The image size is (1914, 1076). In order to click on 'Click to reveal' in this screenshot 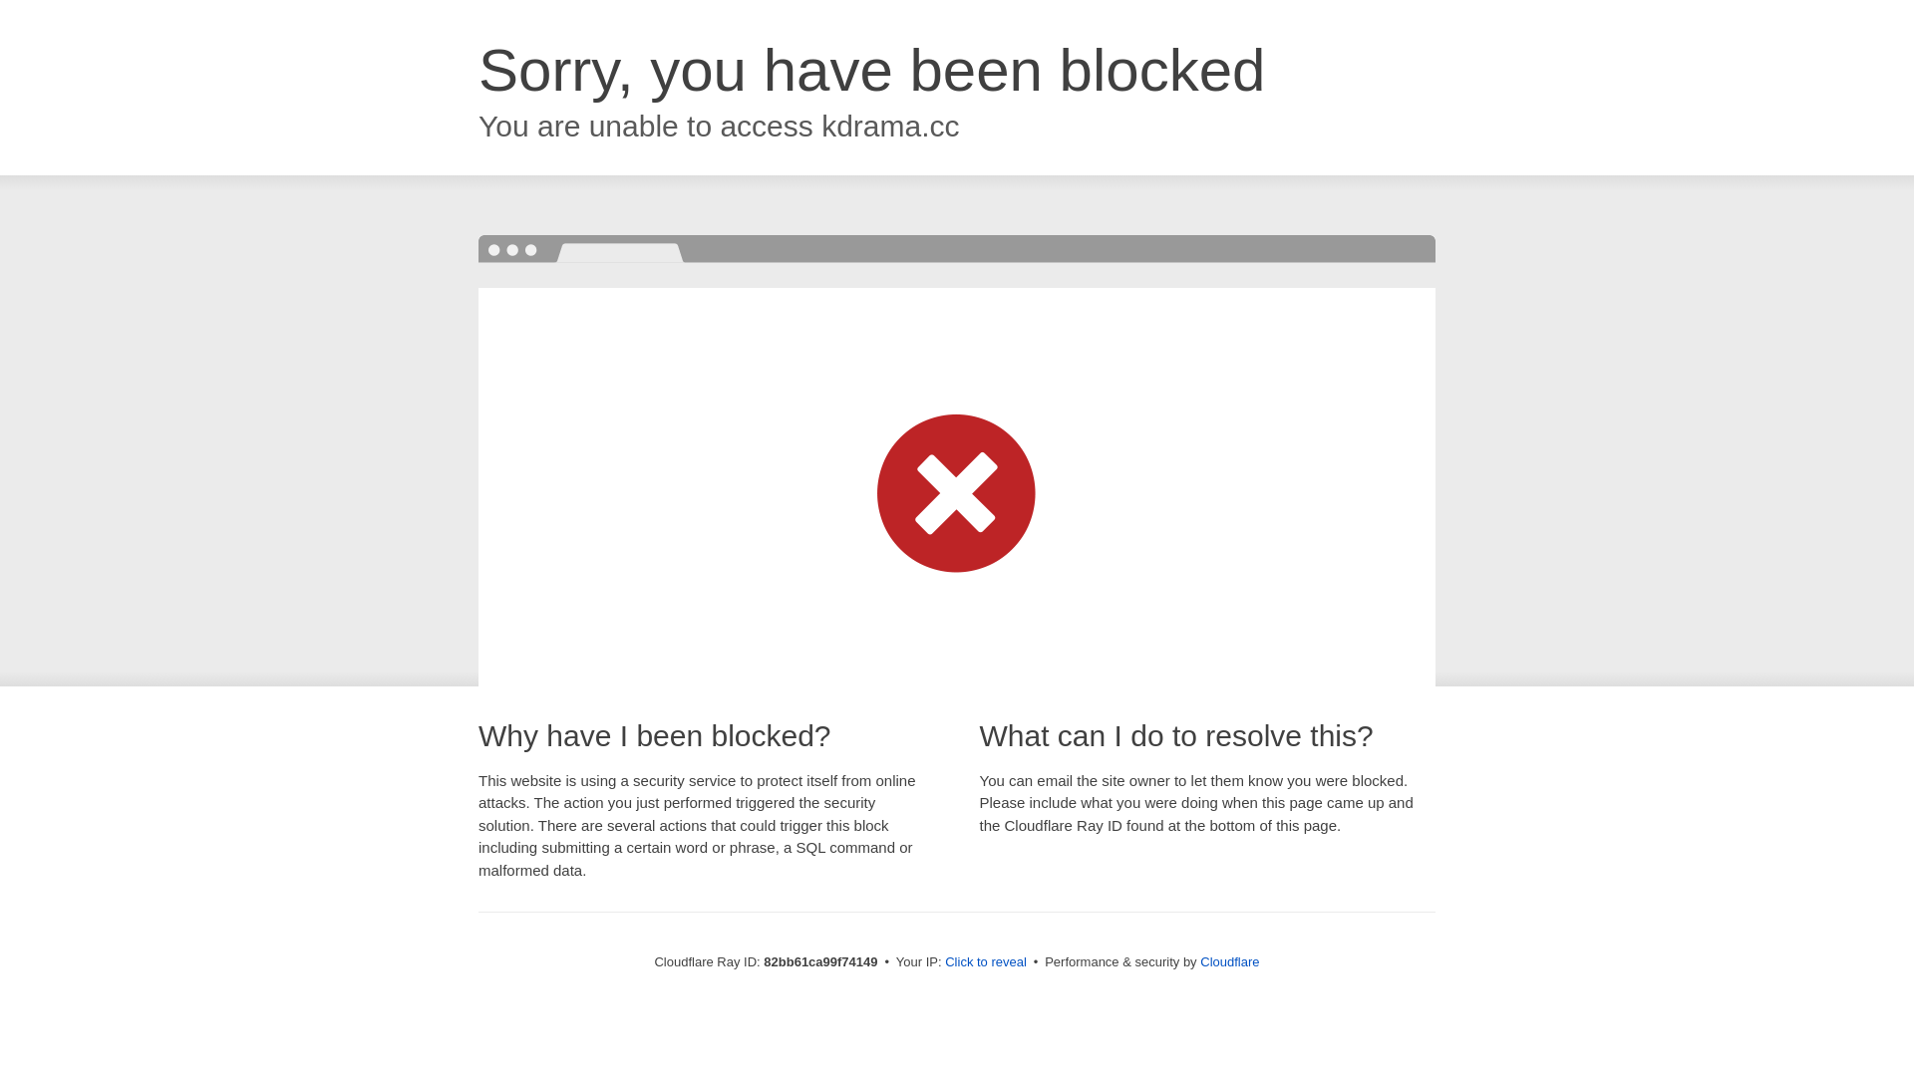, I will do `click(985, 960)`.